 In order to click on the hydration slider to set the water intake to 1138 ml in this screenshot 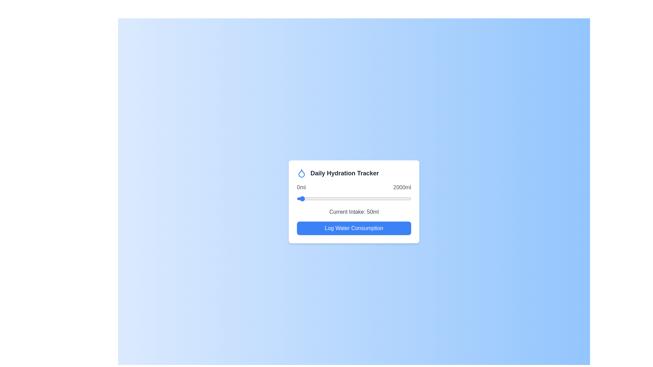, I will do `click(362, 199)`.